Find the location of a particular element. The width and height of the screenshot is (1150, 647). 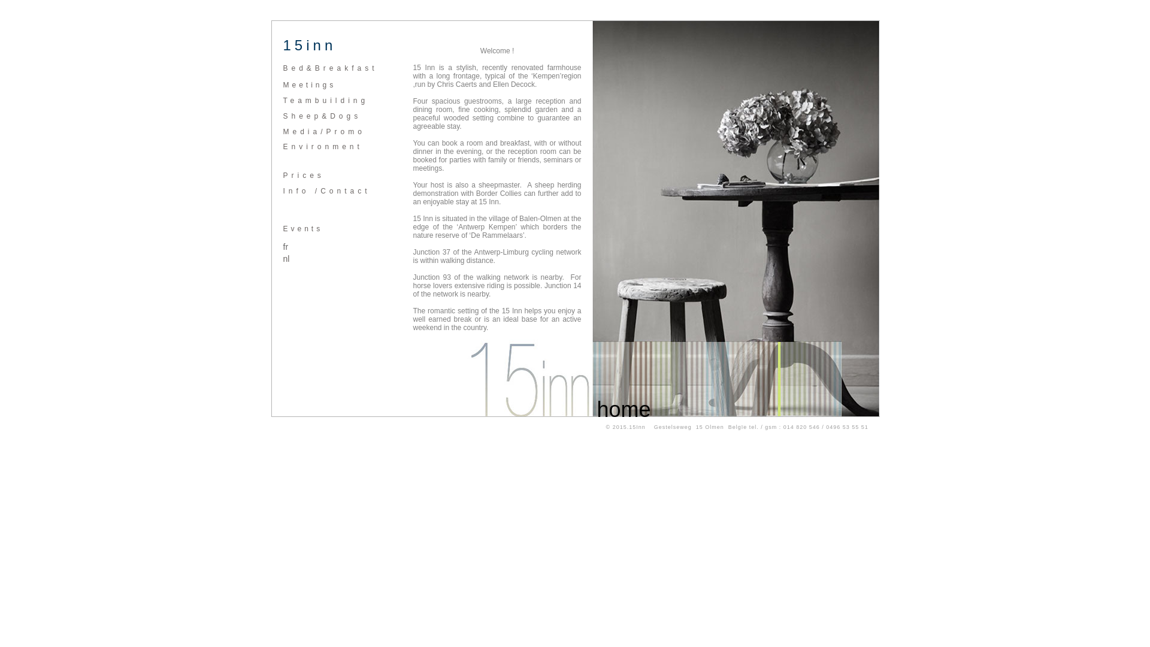

'nl' is located at coordinates (285, 258).